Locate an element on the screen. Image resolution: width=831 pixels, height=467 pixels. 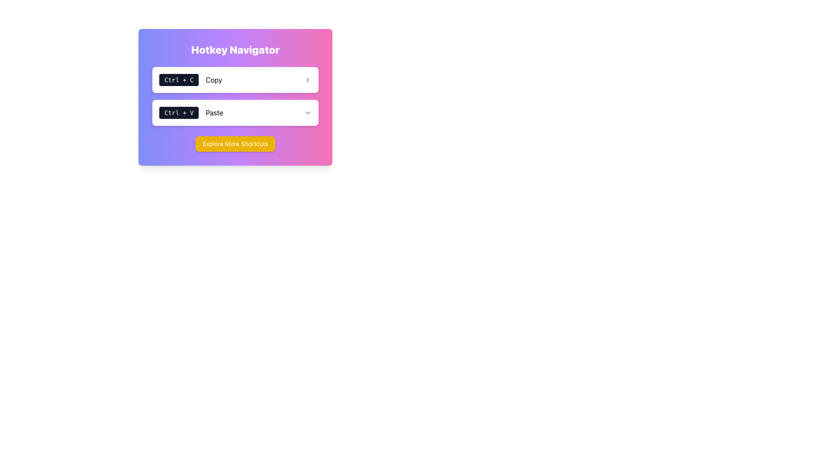
the dropdown indicator chevron located at the far right of the 'Hotkey Navigator' card is located at coordinates (307, 112).